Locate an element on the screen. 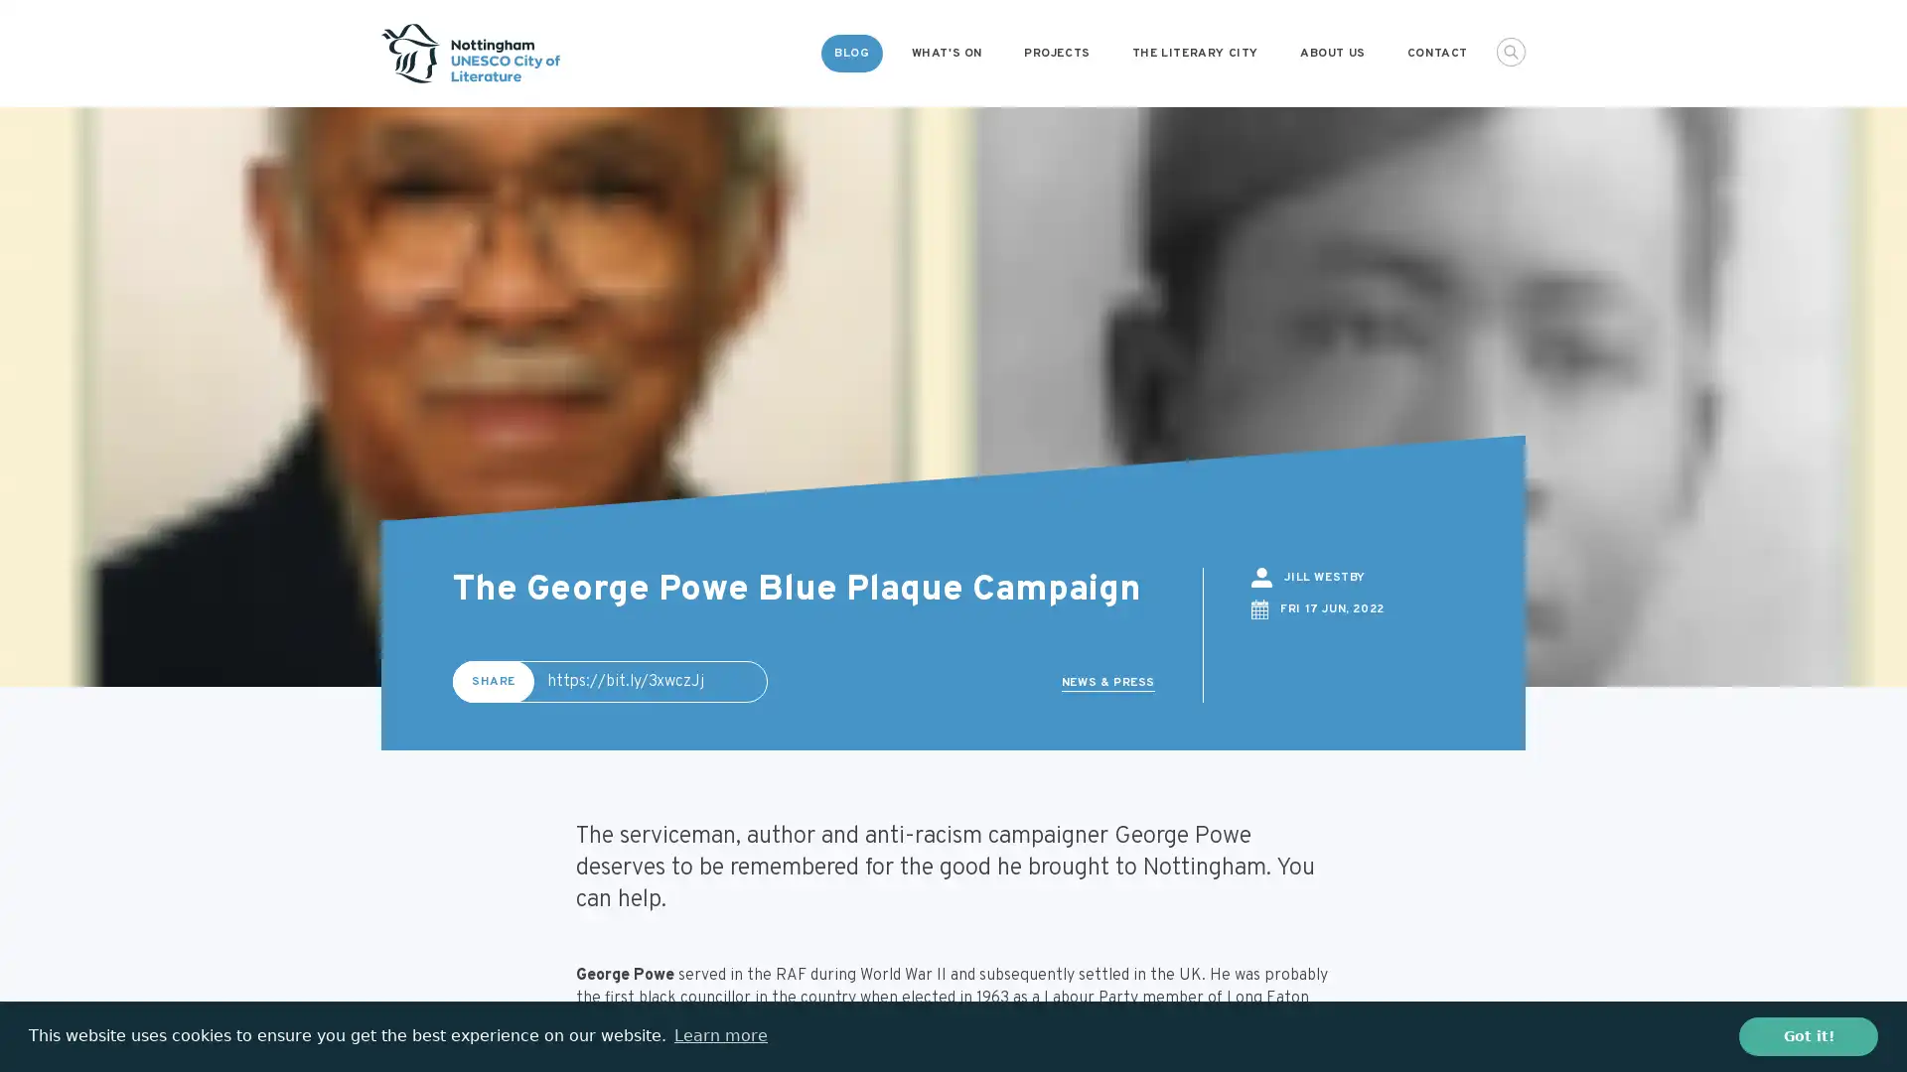 Image resolution: width=1907 pixels, height=1072 pixels. learn more about cookies is located at coordinates (719, 1035).